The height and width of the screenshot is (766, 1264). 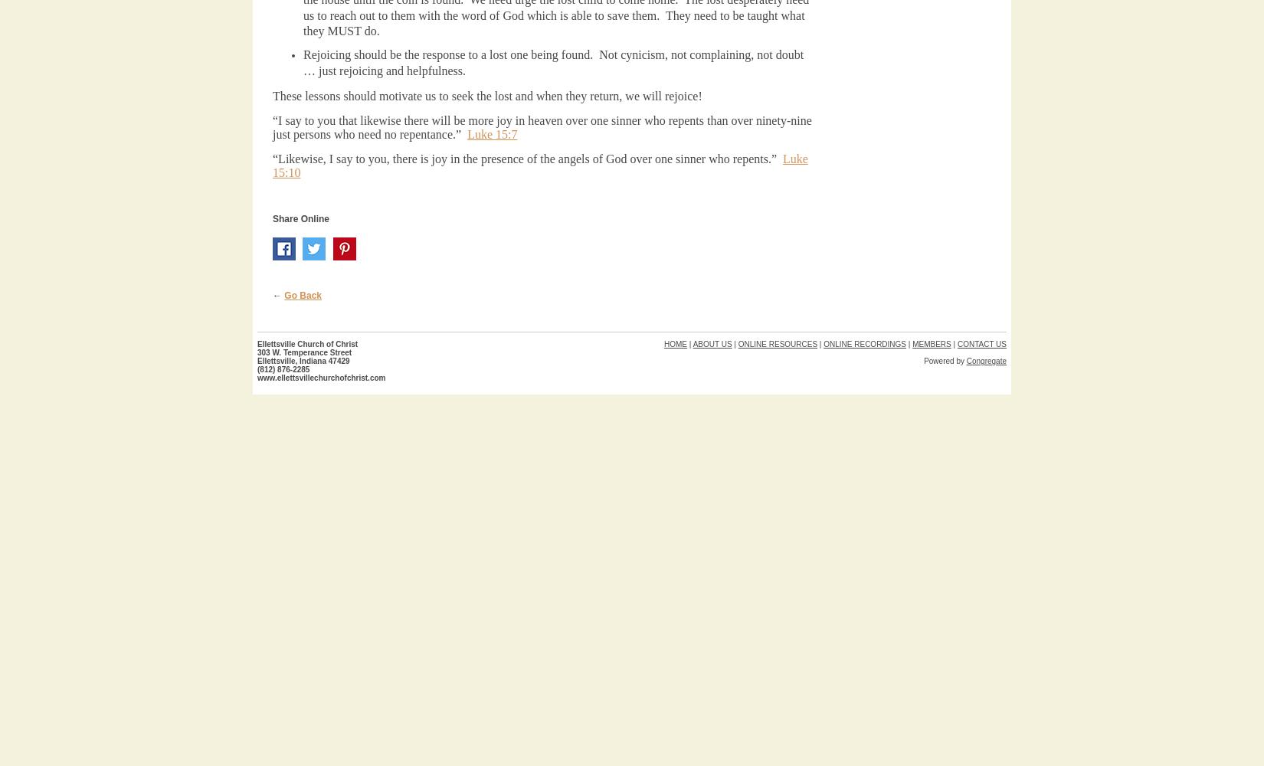 What do you see at coordinates (320, 377) in the screenshot?
I see `'www.ellettsvillechurchofchrist.com'` at bounding box center [320, 377].